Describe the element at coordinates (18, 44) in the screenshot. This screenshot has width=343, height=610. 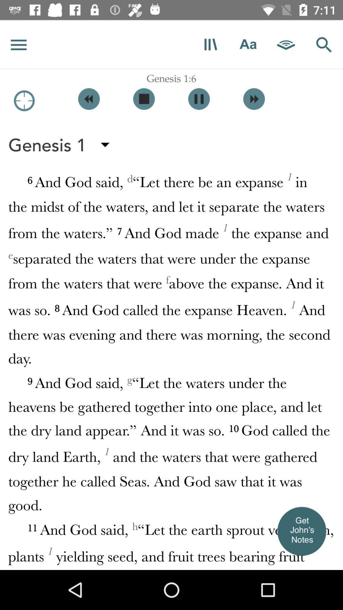
I see `more options` at that location.